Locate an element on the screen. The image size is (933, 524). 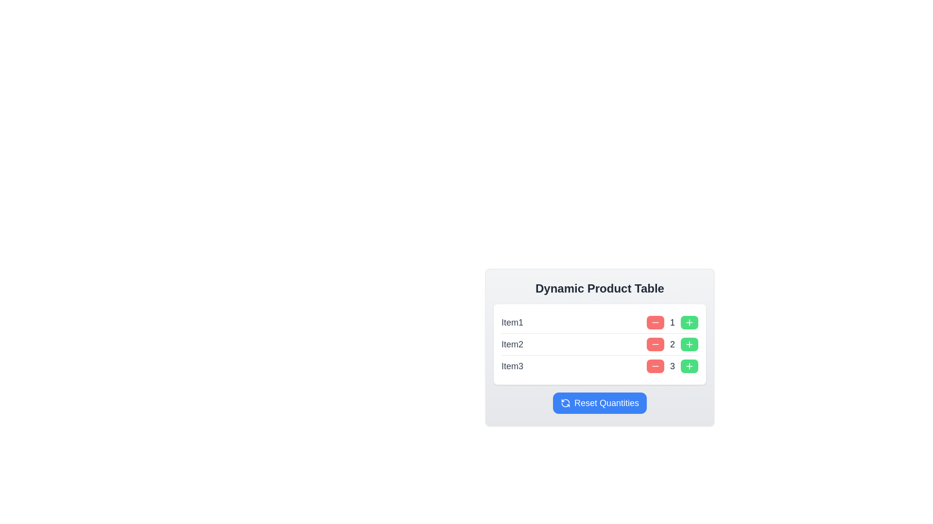
the rectangular button with a blue background and white text reading 'Reset Quantities' to reset values is located at coordinates (599, 403).